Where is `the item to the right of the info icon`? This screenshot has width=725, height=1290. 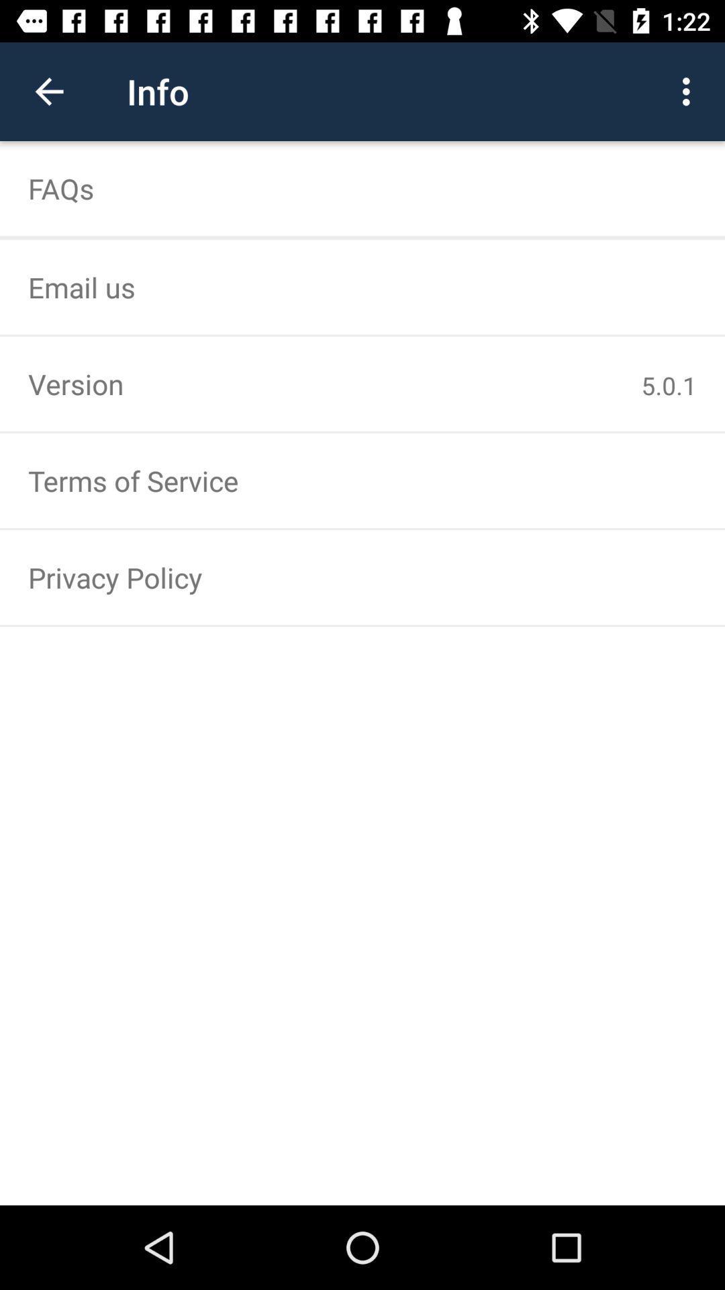 the item to the right of the info icon is located at coordinates (689, 91).